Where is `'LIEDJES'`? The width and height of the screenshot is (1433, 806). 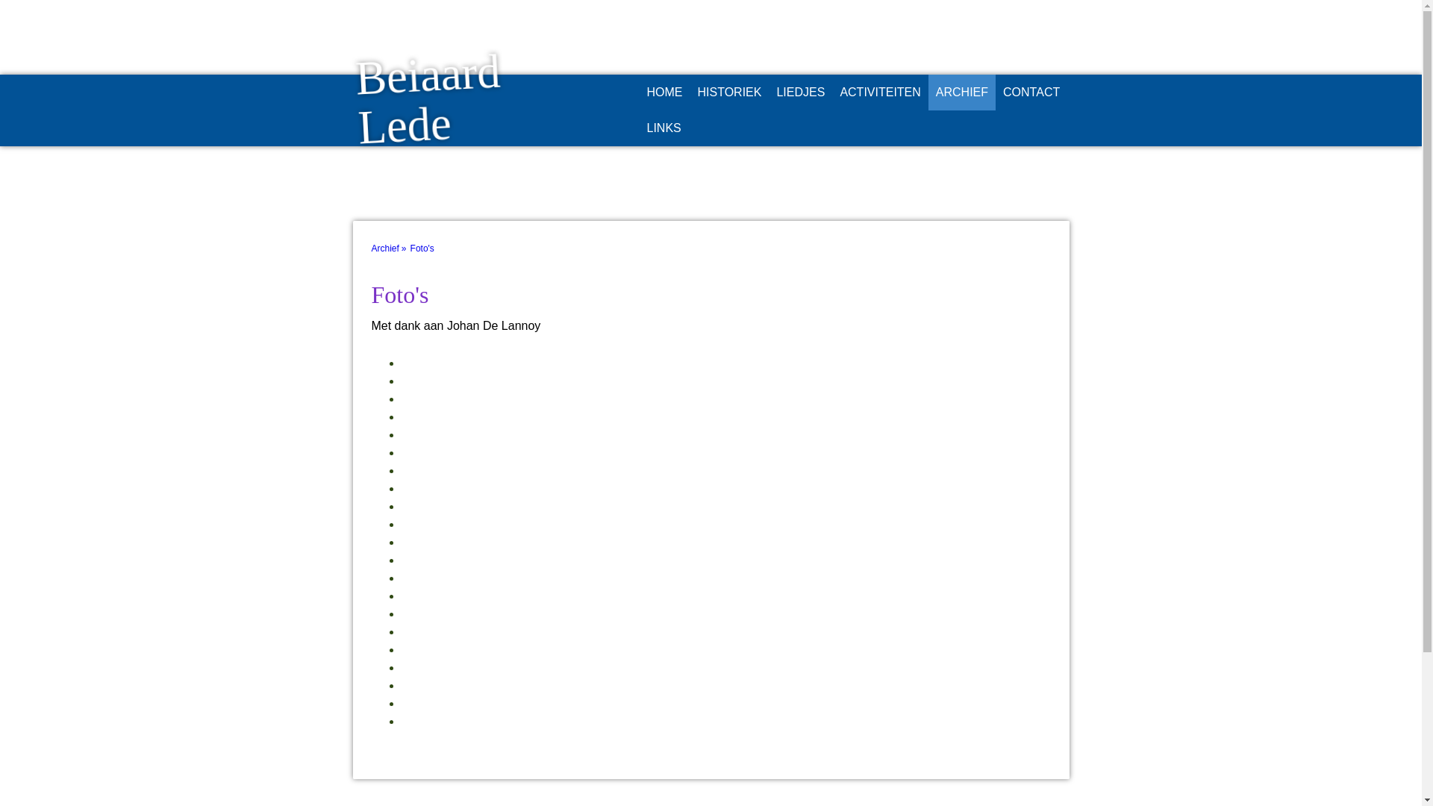 'LIEDJES' is located at coordinates (799, 92).